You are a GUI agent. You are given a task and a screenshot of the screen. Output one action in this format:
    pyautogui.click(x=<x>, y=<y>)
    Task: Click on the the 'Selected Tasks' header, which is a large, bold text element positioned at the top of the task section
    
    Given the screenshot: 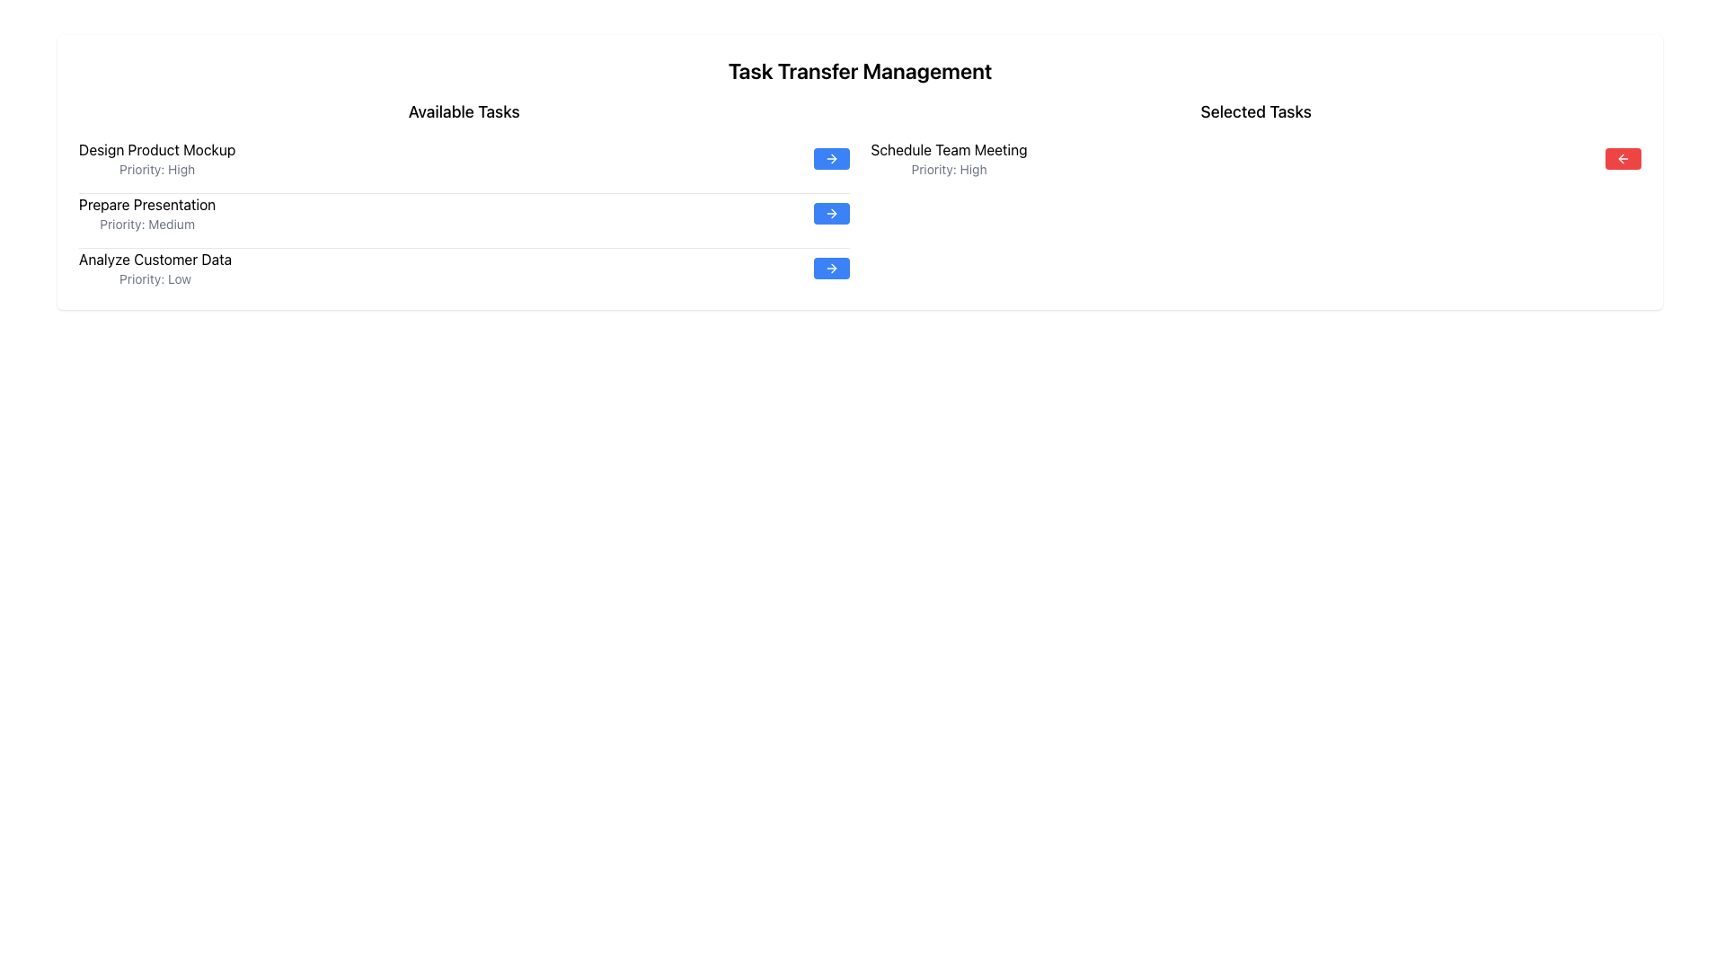 What is the action you would take?
    pyautogui.click(x=1255, y=111)
    